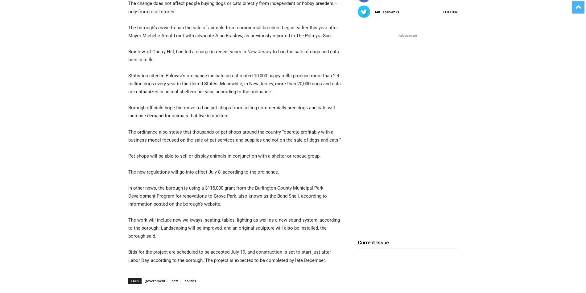 The width and height of the screenshot is (586, 293). What do you see at coordinates (130, 280) in the screenshot?
I see `'Tags'` at bounding box center [130, 280].